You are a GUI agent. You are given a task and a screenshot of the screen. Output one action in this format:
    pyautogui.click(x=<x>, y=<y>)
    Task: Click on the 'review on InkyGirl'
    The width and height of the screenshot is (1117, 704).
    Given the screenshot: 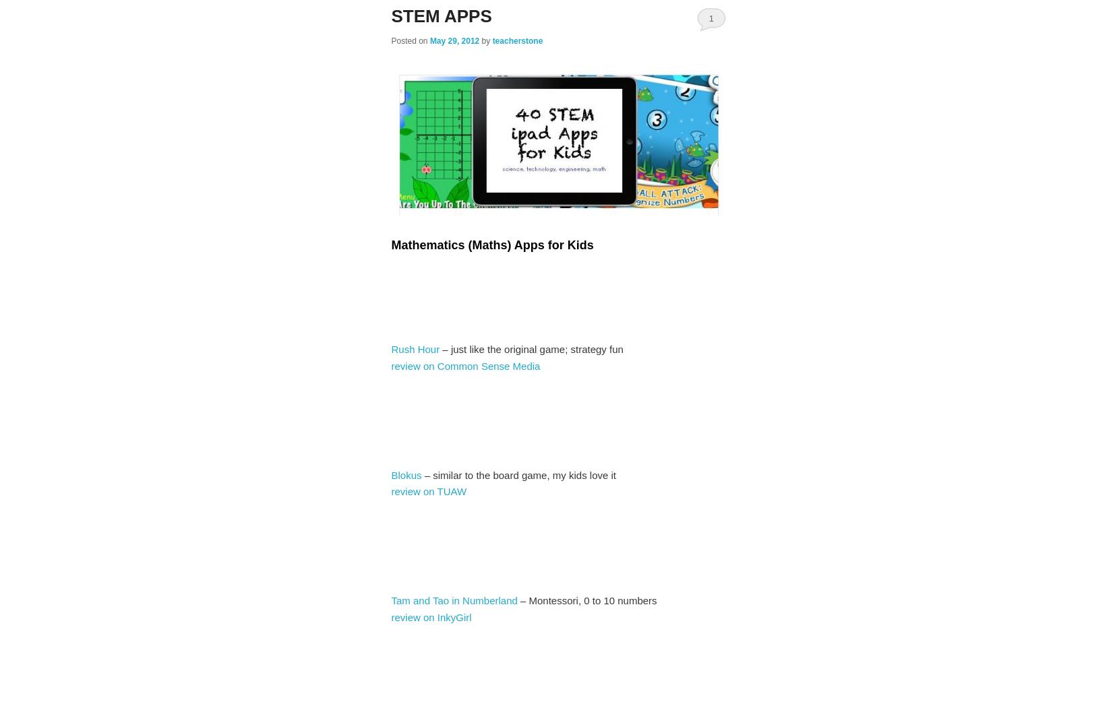 What is the action you would take?
    pyautogui.click(x=390, y=616)
    